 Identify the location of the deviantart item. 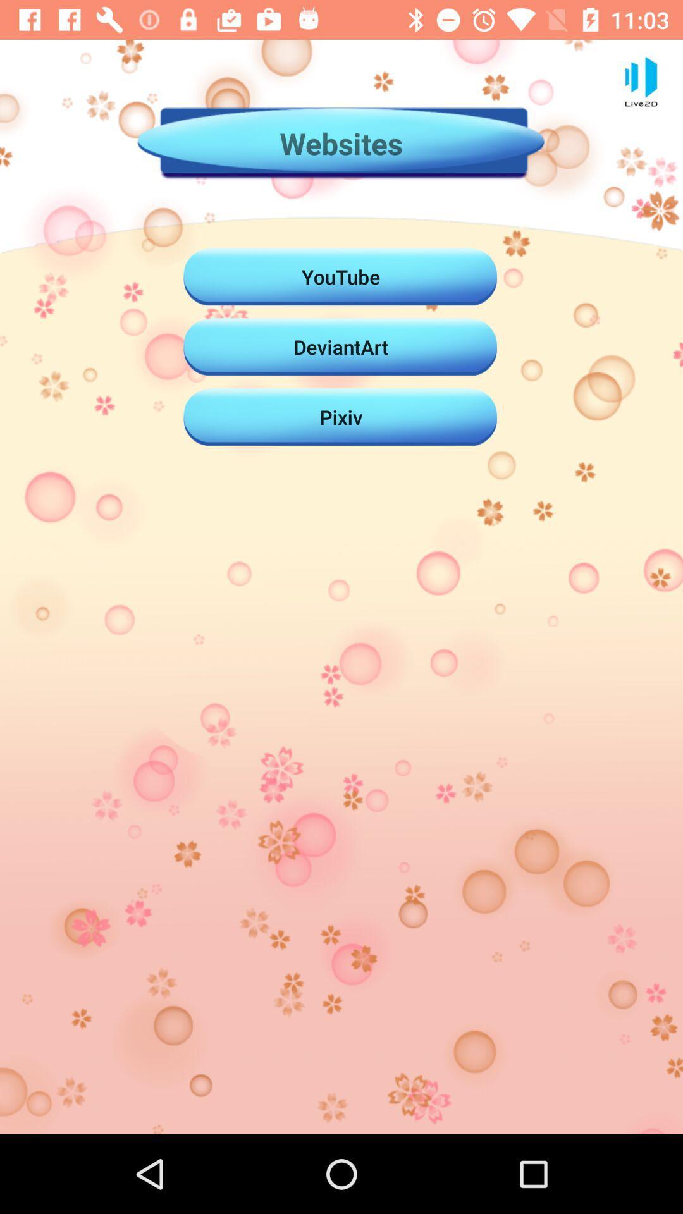
(340, 346).